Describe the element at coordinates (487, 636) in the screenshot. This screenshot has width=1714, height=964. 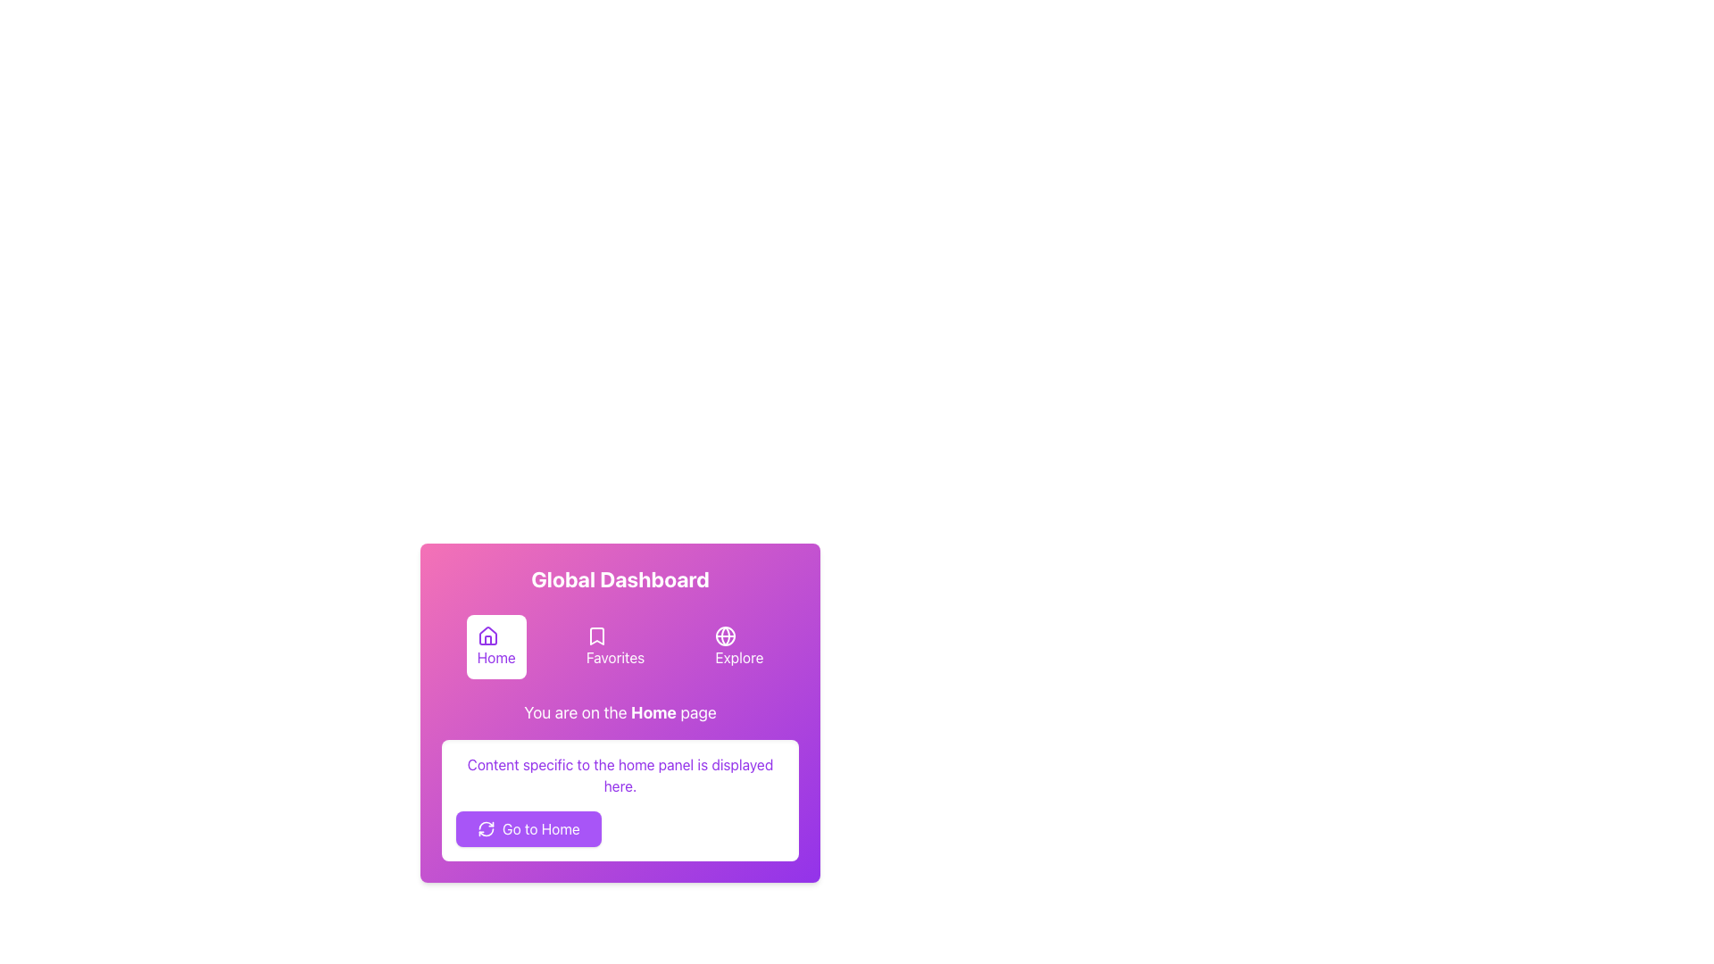
I see `the house-shaped icon with a purple stroke, which is positioned above the 'Home' label in the top row of the purple and white card interface` at that location.